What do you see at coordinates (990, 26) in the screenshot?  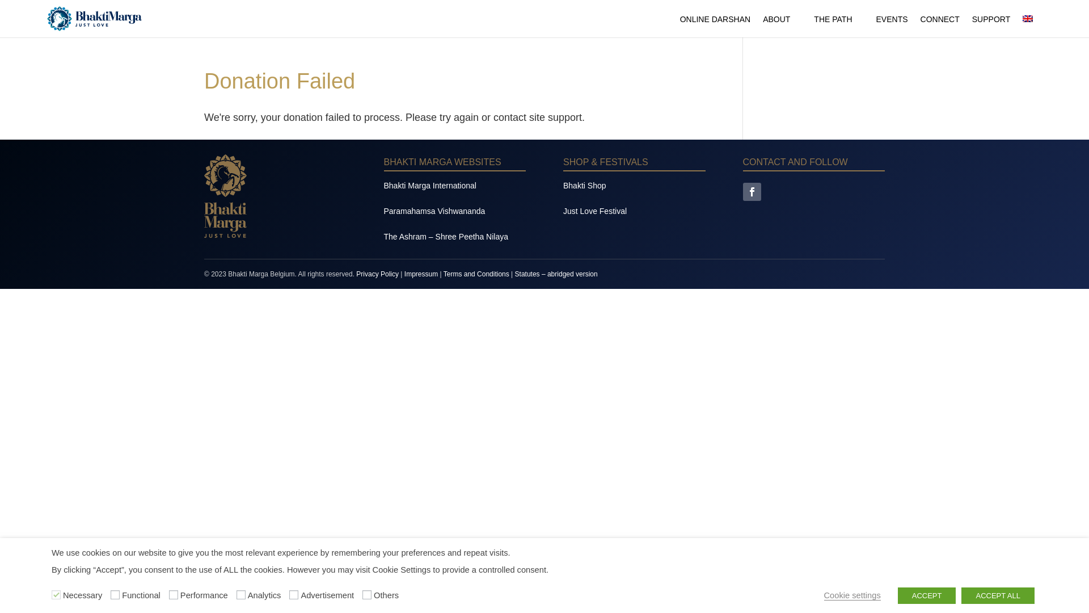 I see `'SUPPORT'` at bounding box center [990, 26].